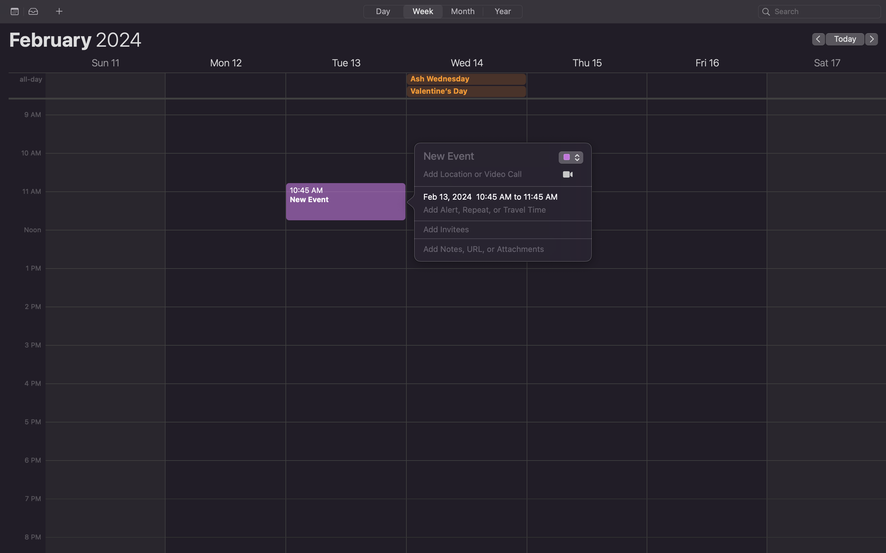  Describe the element at coordinates (495, 249) in the screenshot. I see `a reminder to attendees to carry their laptops for the meeting presentation` at that location.